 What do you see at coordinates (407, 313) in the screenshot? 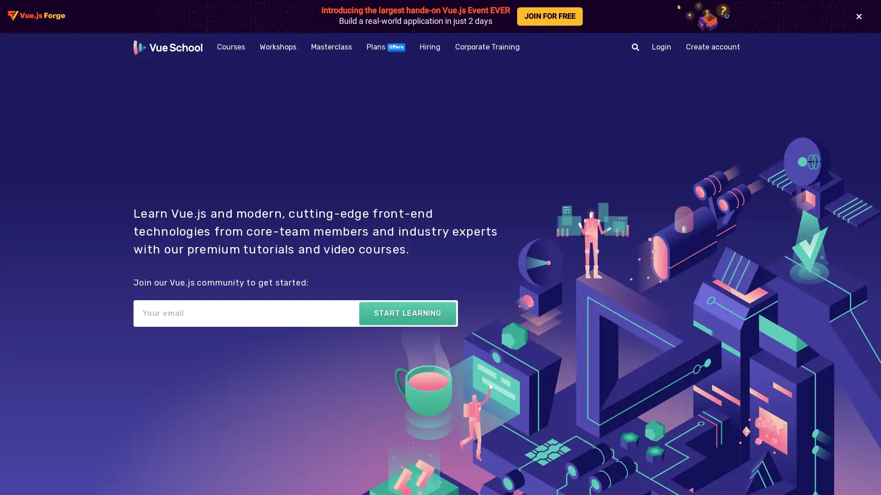
I see `START LEARNING` at bounding box center [407, 313].